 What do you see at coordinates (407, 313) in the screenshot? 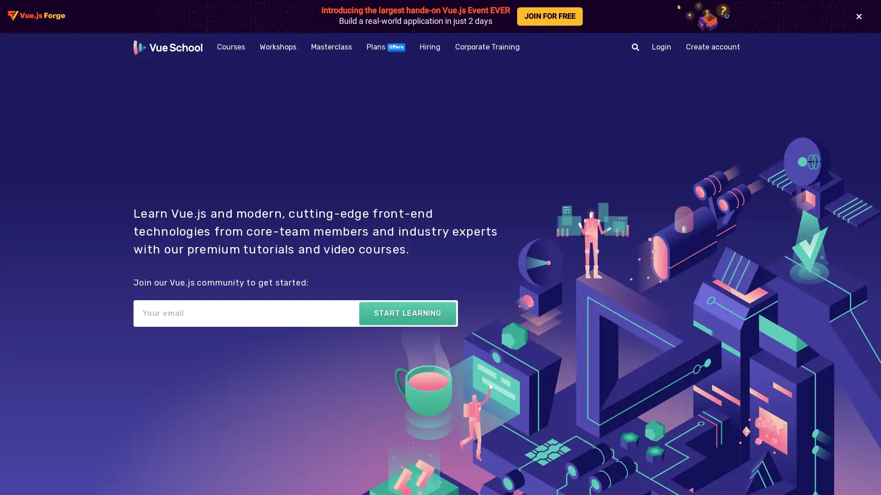
I see `START LEARNING` at bounding box center [407, 313].